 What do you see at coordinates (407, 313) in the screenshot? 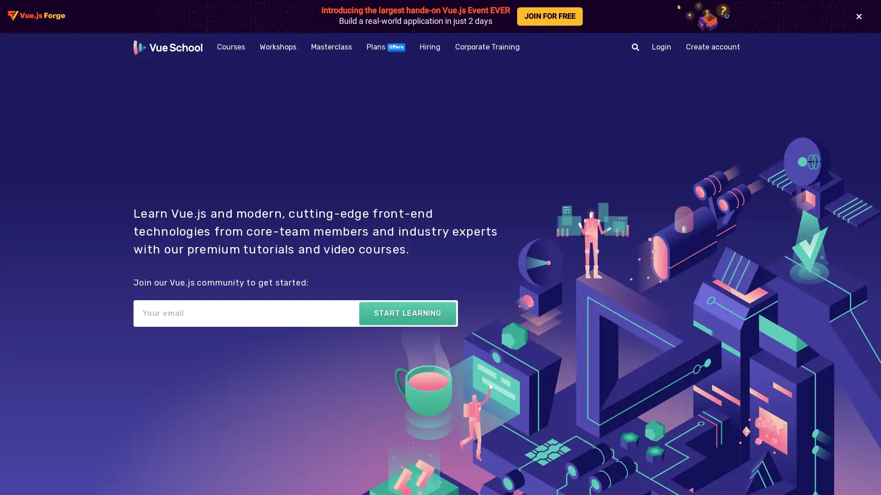
I see `START LEARNING` at bounding box center [407, 313].